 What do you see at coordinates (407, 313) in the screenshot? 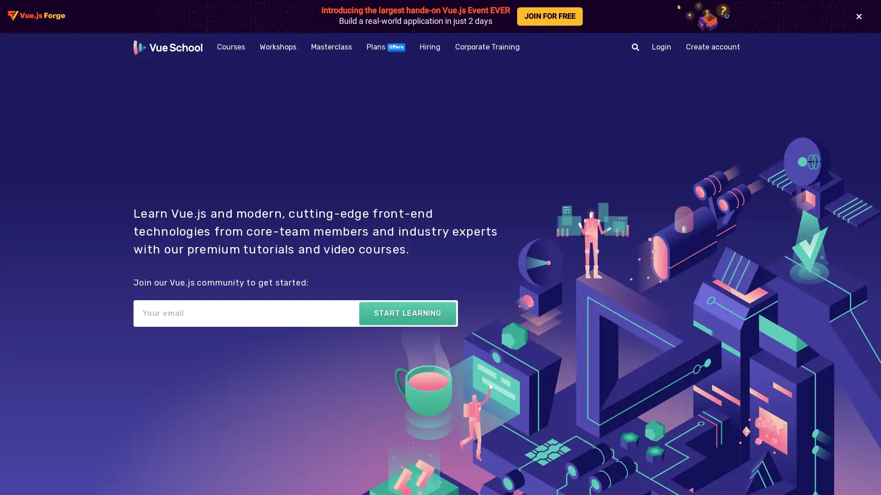
I see `START LEARNING` at bounding box center [407, 313].